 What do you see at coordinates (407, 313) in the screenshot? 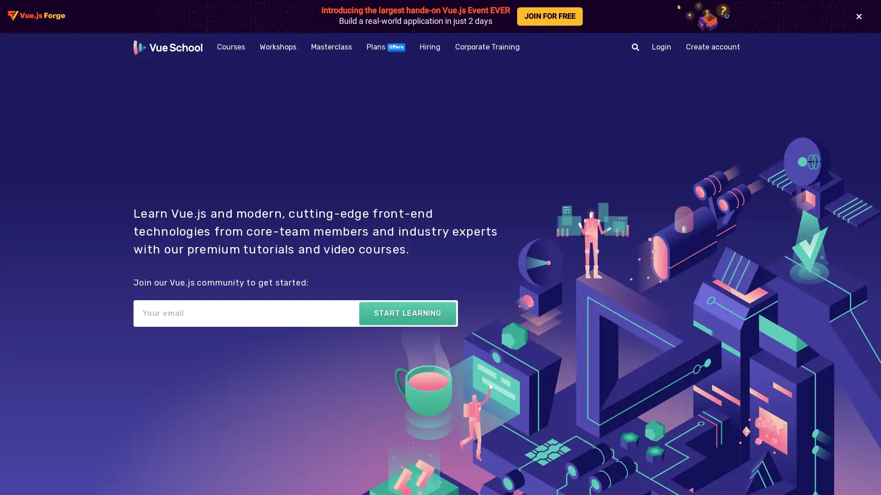
I see `START LEARNING` at bounding box center [407, 313].